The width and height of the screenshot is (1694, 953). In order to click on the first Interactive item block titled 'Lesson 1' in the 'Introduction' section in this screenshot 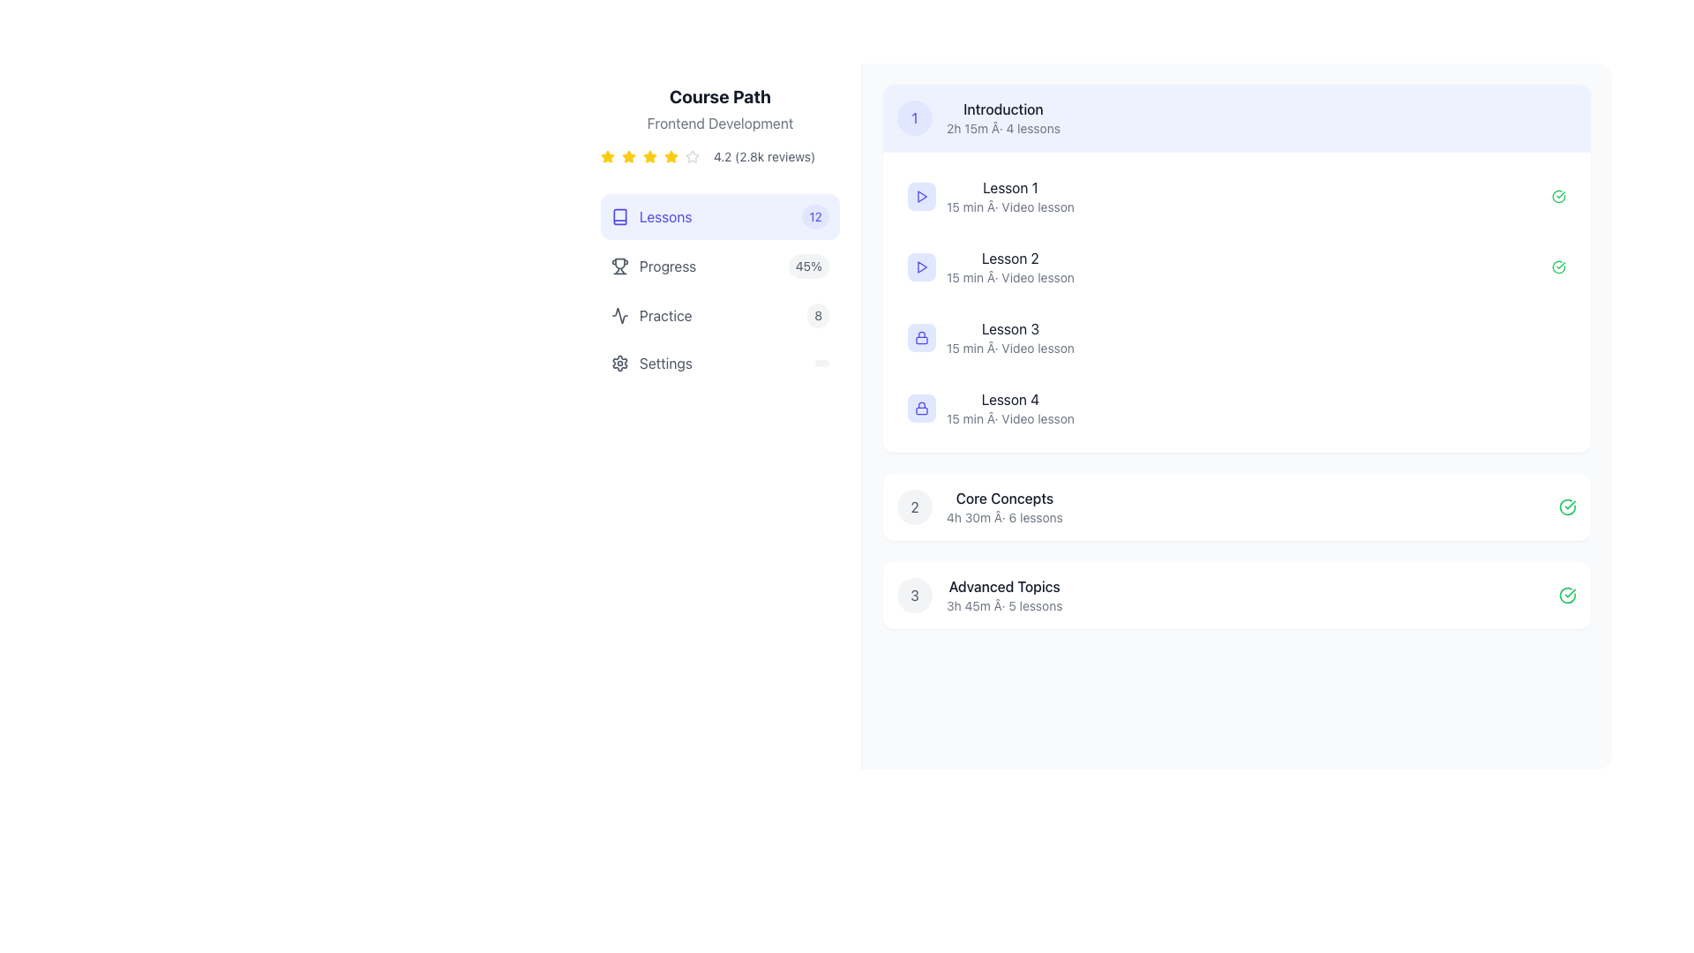, I will do `click(1235, 197)`.